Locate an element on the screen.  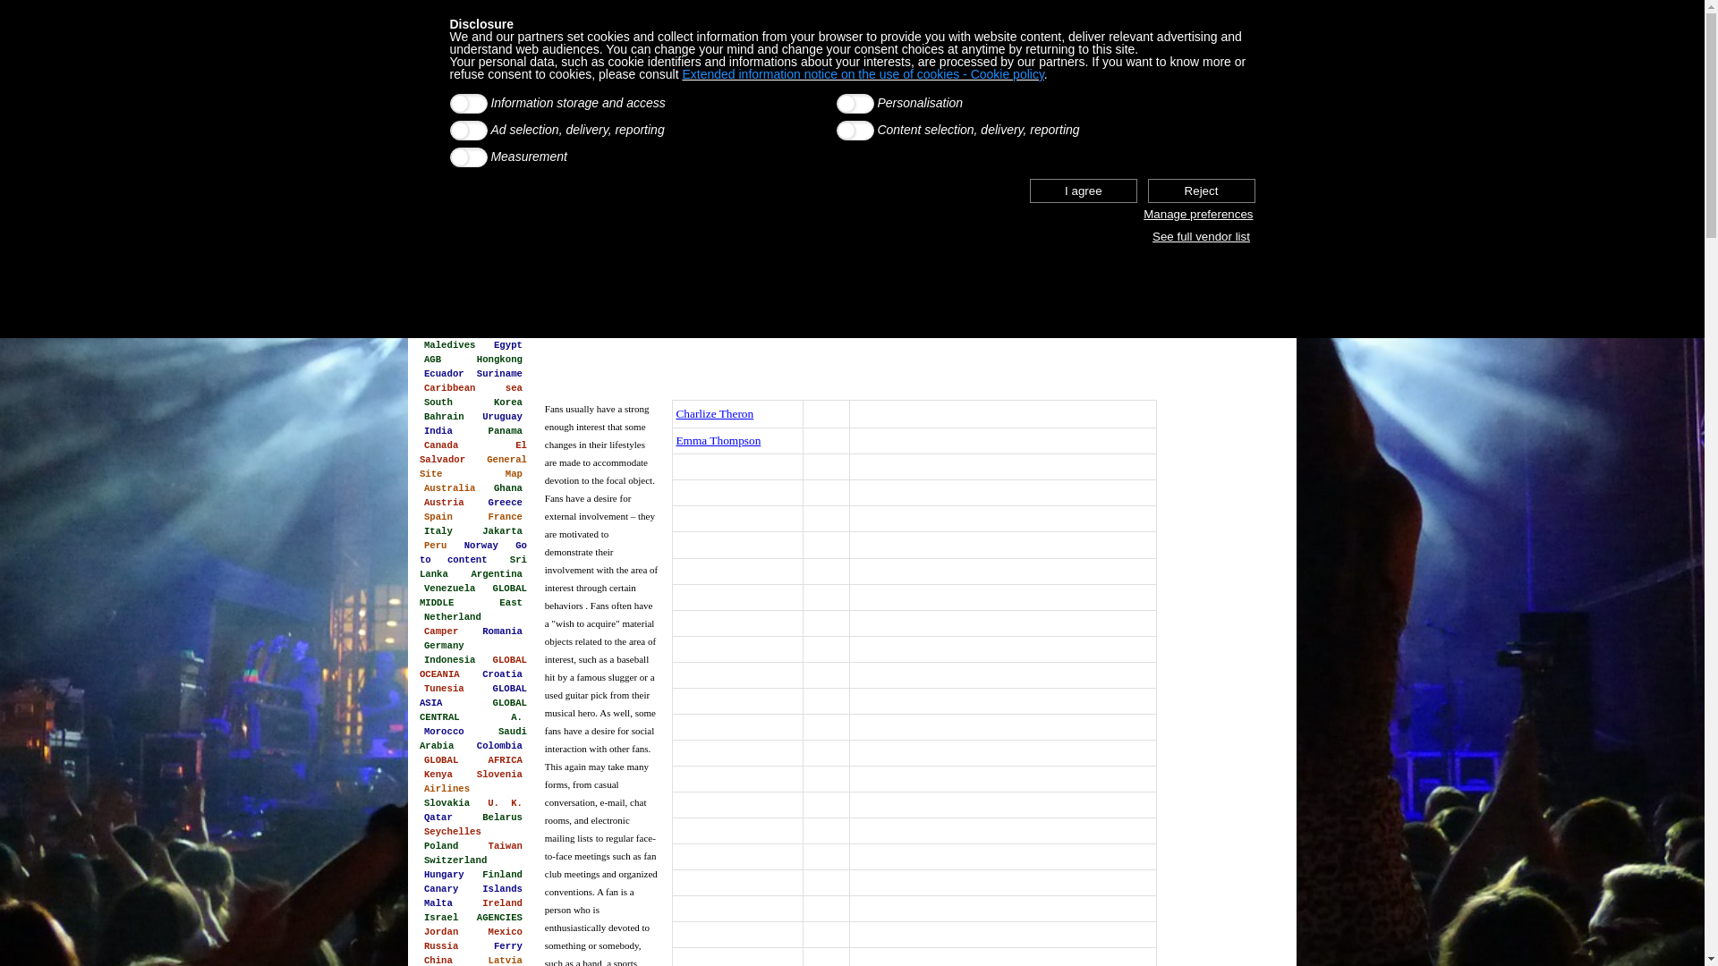
'Spain' is located at coordinates (438, 517).